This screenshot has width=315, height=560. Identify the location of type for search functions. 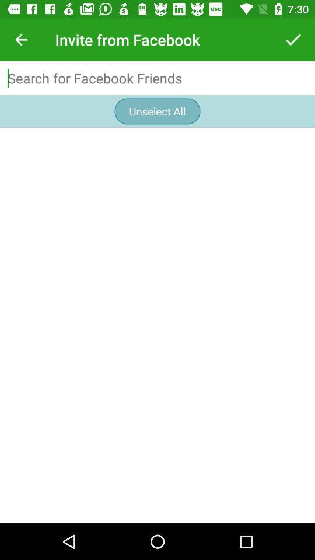
(157, 78).